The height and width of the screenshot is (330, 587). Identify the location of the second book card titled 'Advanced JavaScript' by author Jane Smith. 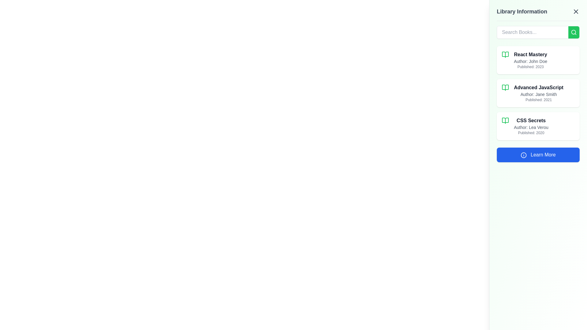
(538, 83).